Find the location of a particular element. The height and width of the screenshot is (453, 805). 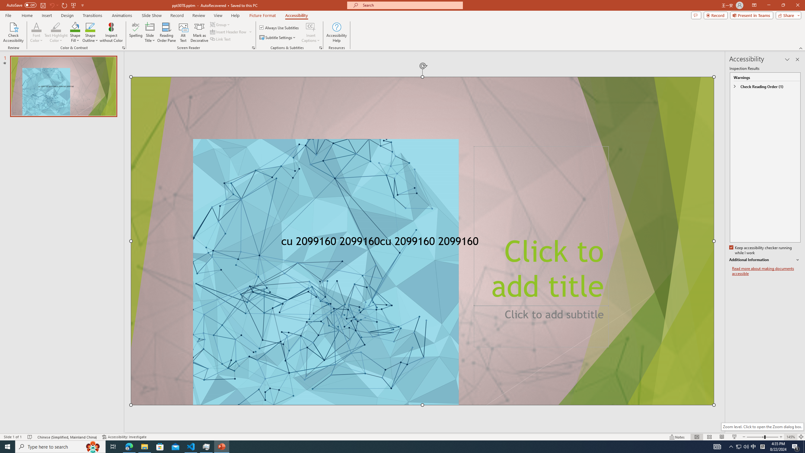

'Slide Title' is located at coordinates (150, 32).